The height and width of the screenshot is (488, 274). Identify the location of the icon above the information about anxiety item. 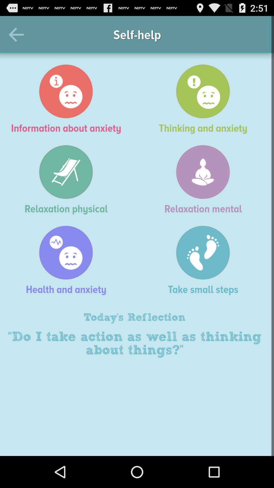
(18, 34).